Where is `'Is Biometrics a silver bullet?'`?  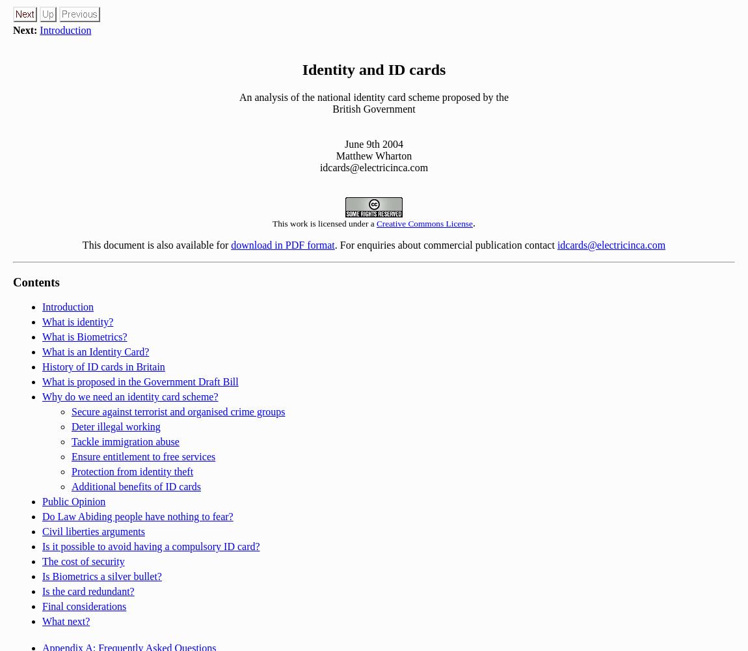
'Is Biometrics a silver bullet?' is located at coordinates (101, 576).